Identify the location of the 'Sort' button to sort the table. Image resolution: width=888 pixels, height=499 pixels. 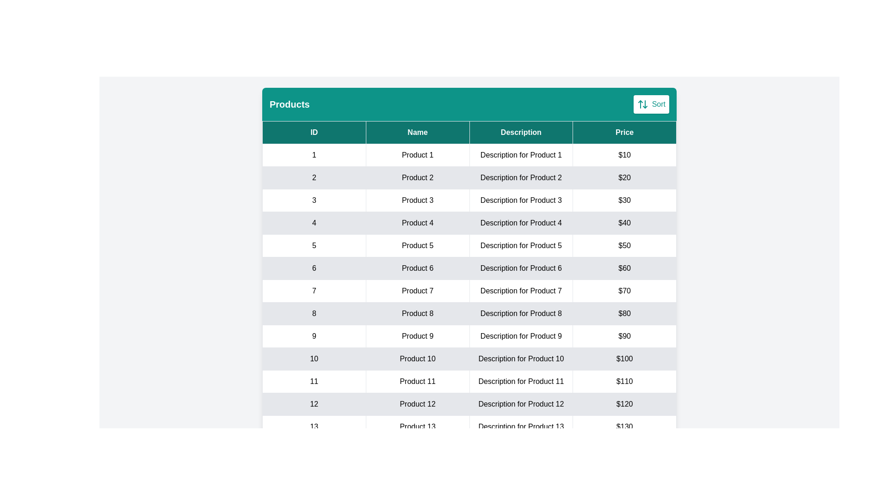
(650, 104).